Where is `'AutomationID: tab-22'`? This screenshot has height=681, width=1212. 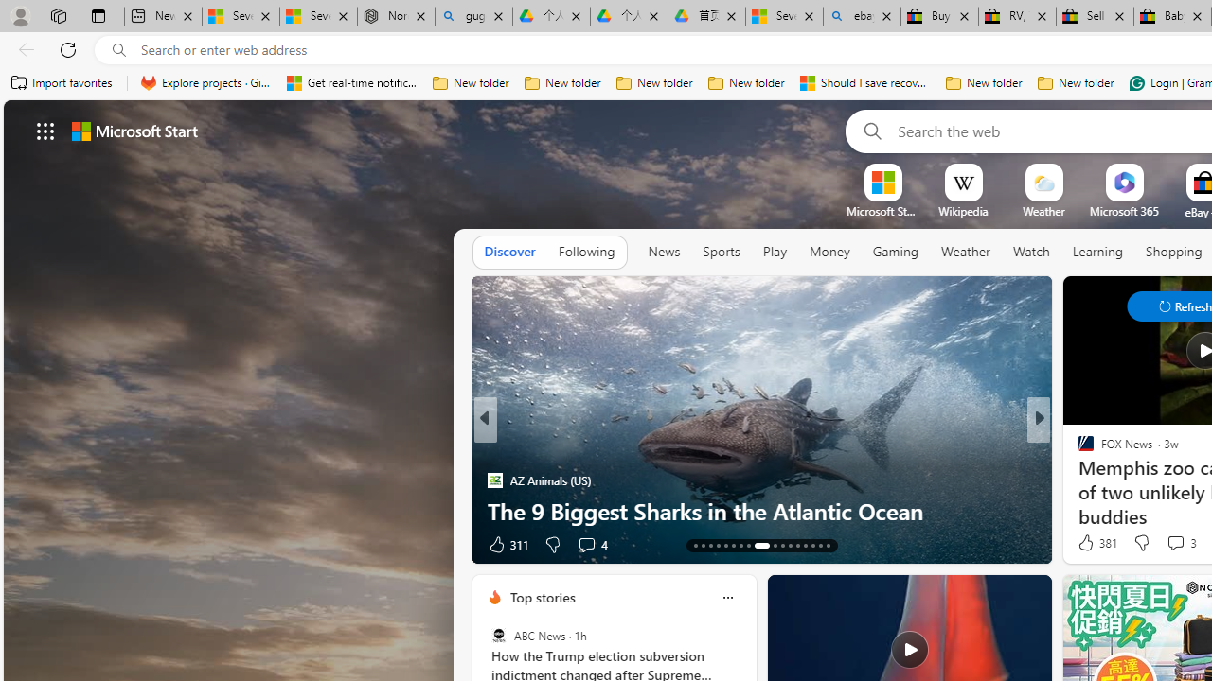 'AutomationID: tab-22' is located at coordinates (769, 546).